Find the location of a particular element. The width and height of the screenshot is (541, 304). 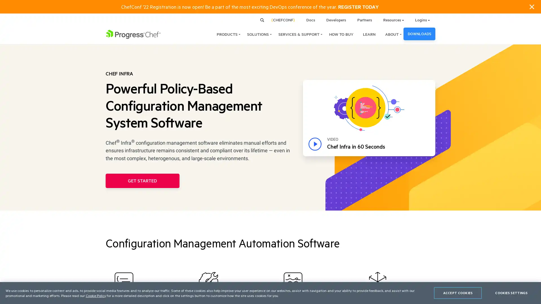

Resources is located at coordinates (393, 20).